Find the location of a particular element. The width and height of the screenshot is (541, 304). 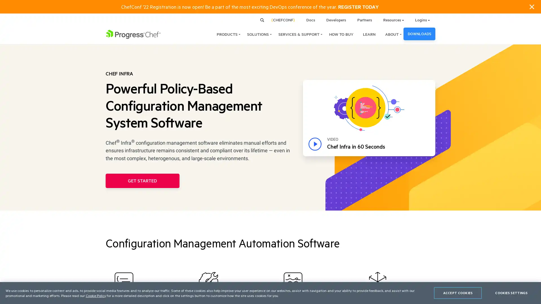

Resources is located at coordinates (393, 20).